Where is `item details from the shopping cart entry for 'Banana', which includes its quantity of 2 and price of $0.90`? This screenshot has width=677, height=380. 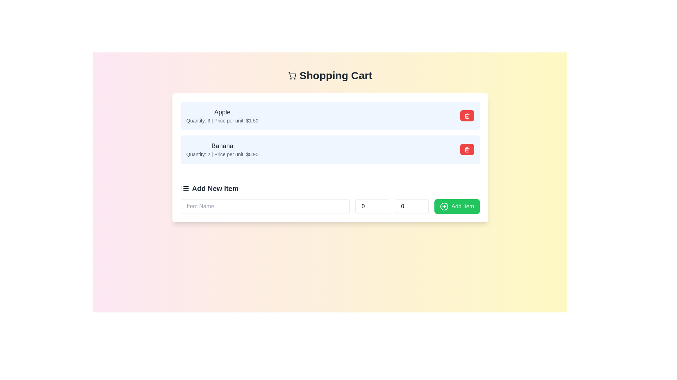
item details from the shopping cart entry for 'Banana', which includes its quantity of 2 and price of $0.90 is located at coordinates (330, 149).